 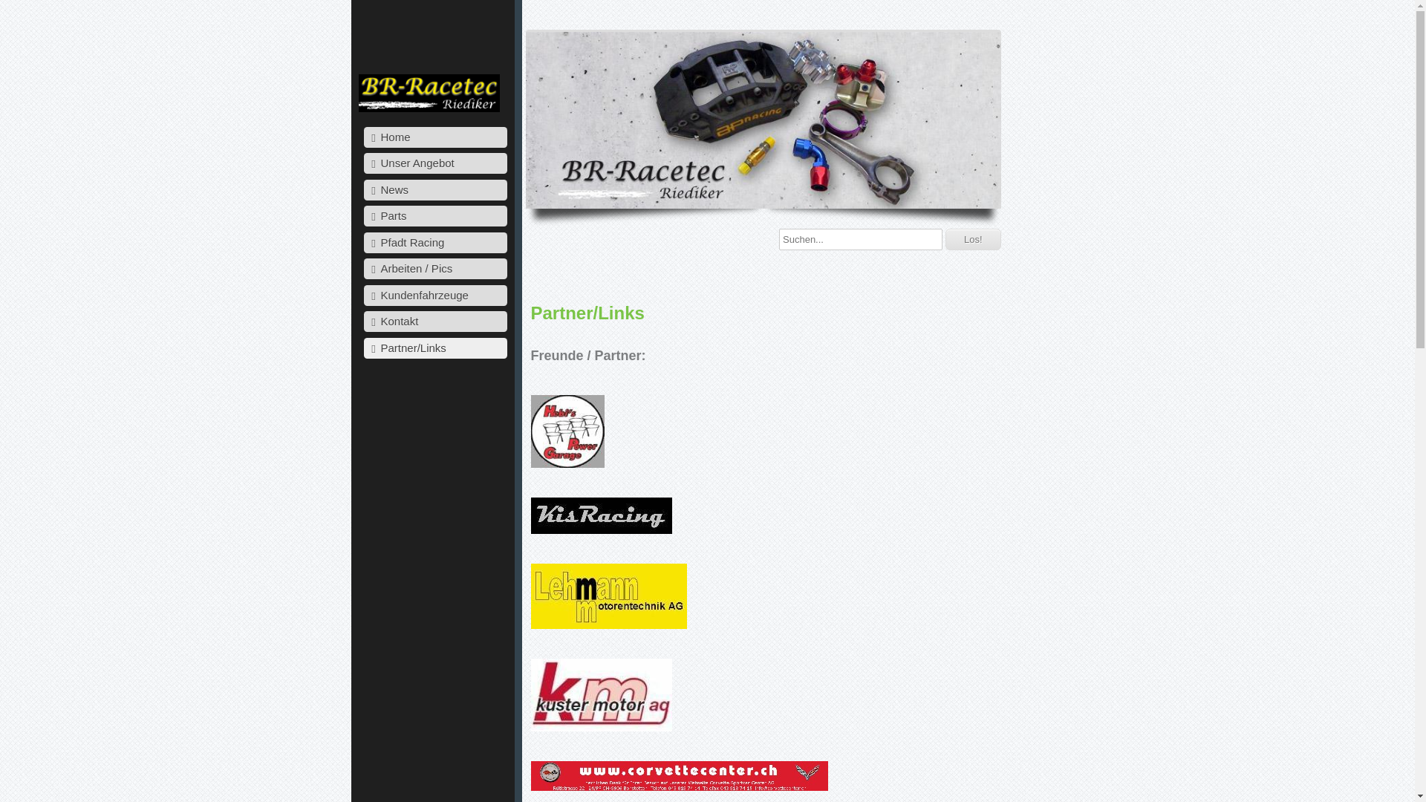 I want to click on 'Unser Angebot', so click(x=434, y=163).